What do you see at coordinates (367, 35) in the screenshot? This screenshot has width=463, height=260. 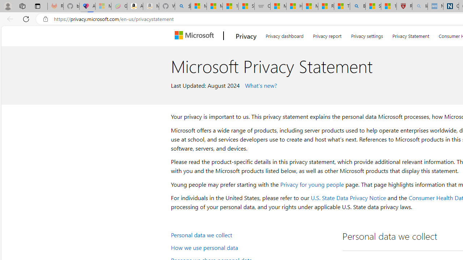 I see `'Privacy settings'` at bounding box center [367, 35].